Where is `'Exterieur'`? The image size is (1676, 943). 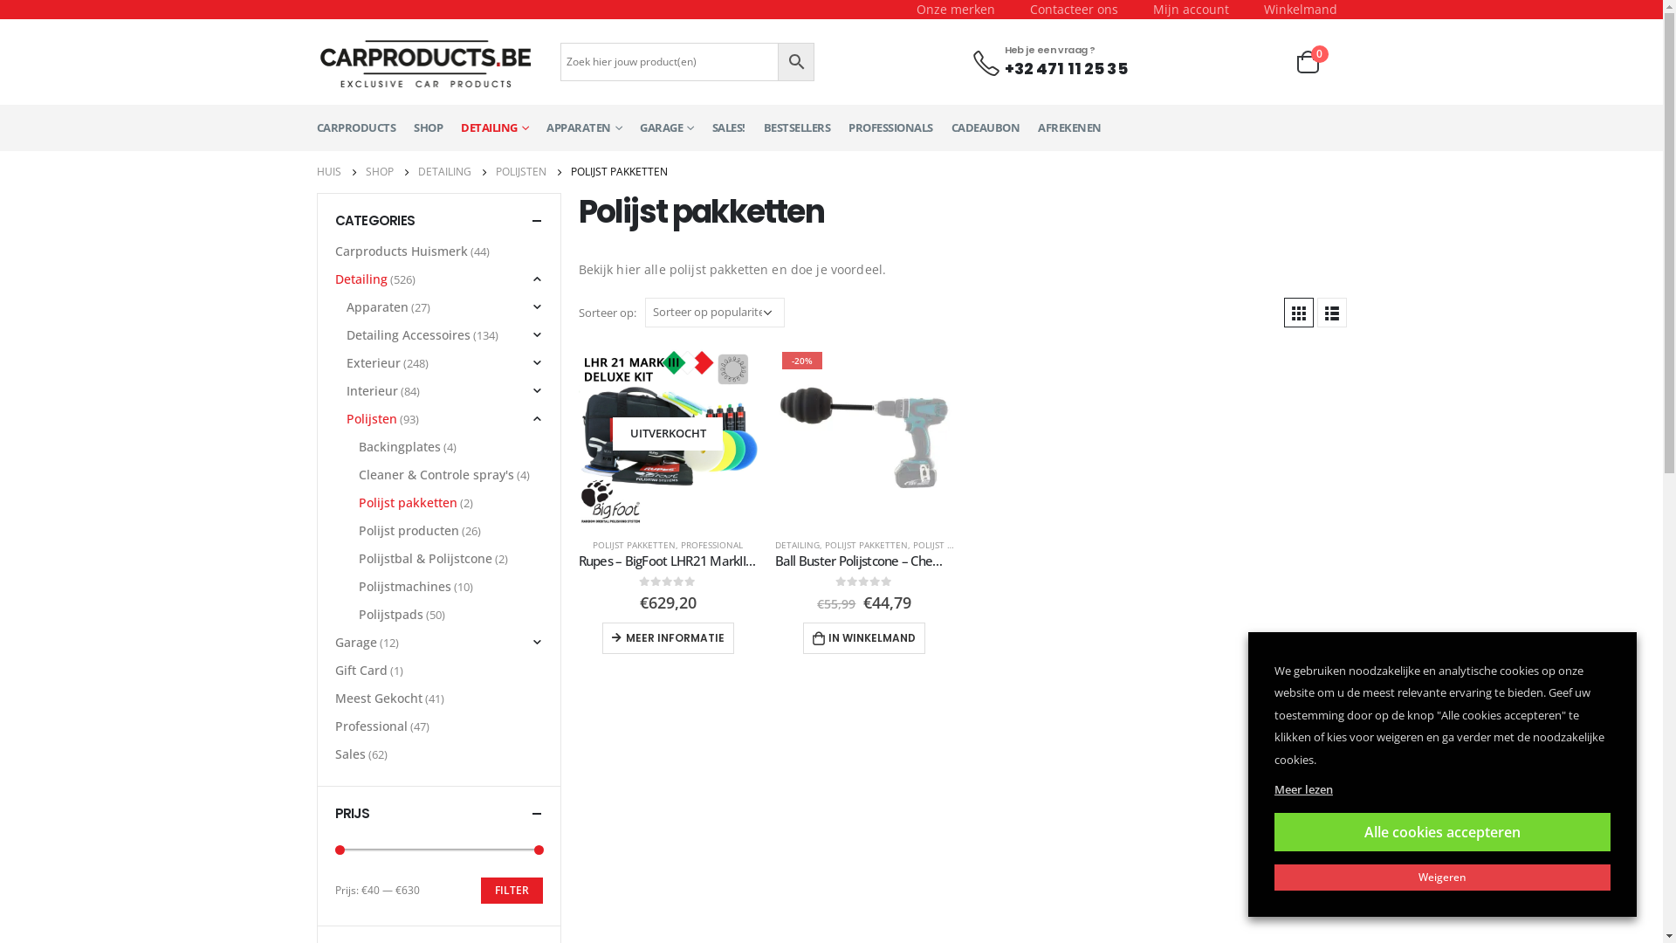 'Exterieur' is located at coordinates (372, 362).